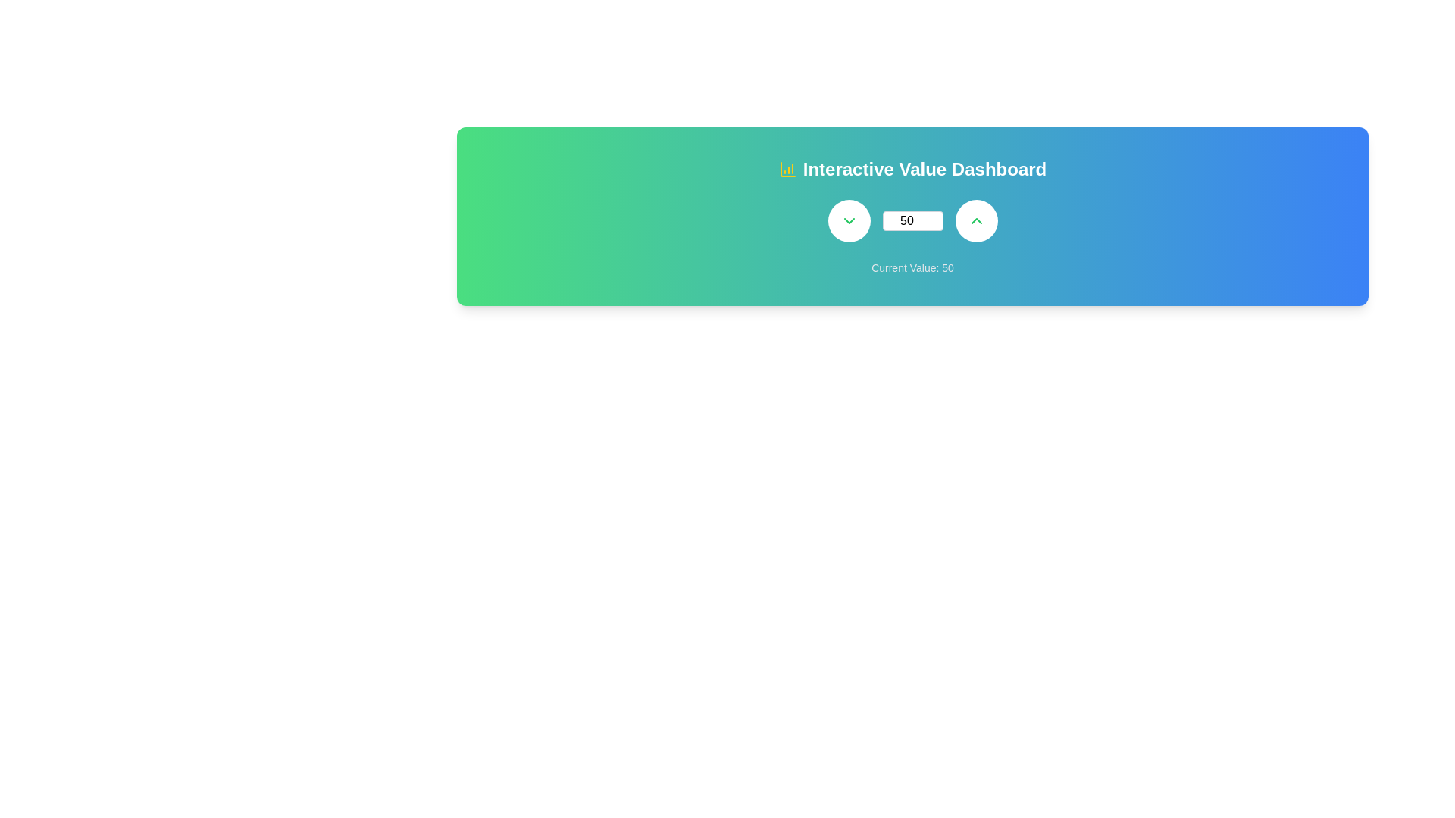 This screenshot has width=1455, height=818. What do you see at coordinates (849, 221) in the screenshot?
I see `the chevron-down icon located within the green circular button` at bounding box center [849, 221].